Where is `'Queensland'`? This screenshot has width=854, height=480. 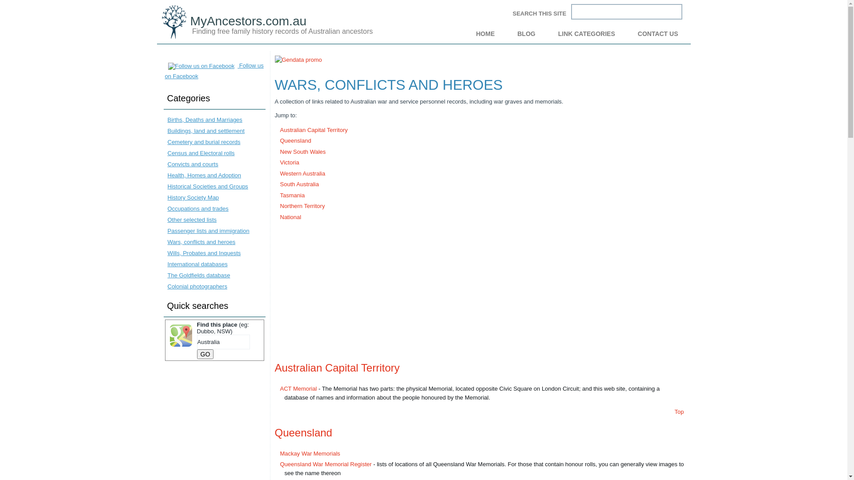 'Queensland' is located at coordinates (279, 140).